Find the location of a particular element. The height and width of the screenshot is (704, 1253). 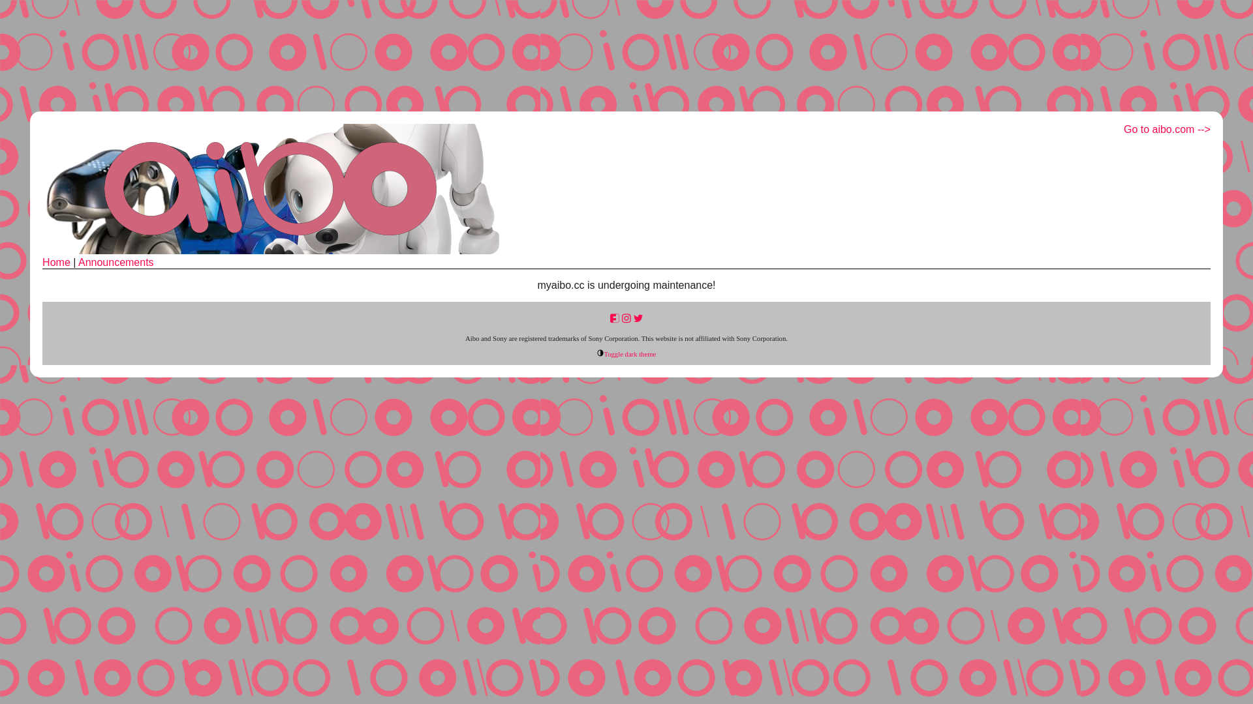

'Announcements' is located at coordinates (116, 262).